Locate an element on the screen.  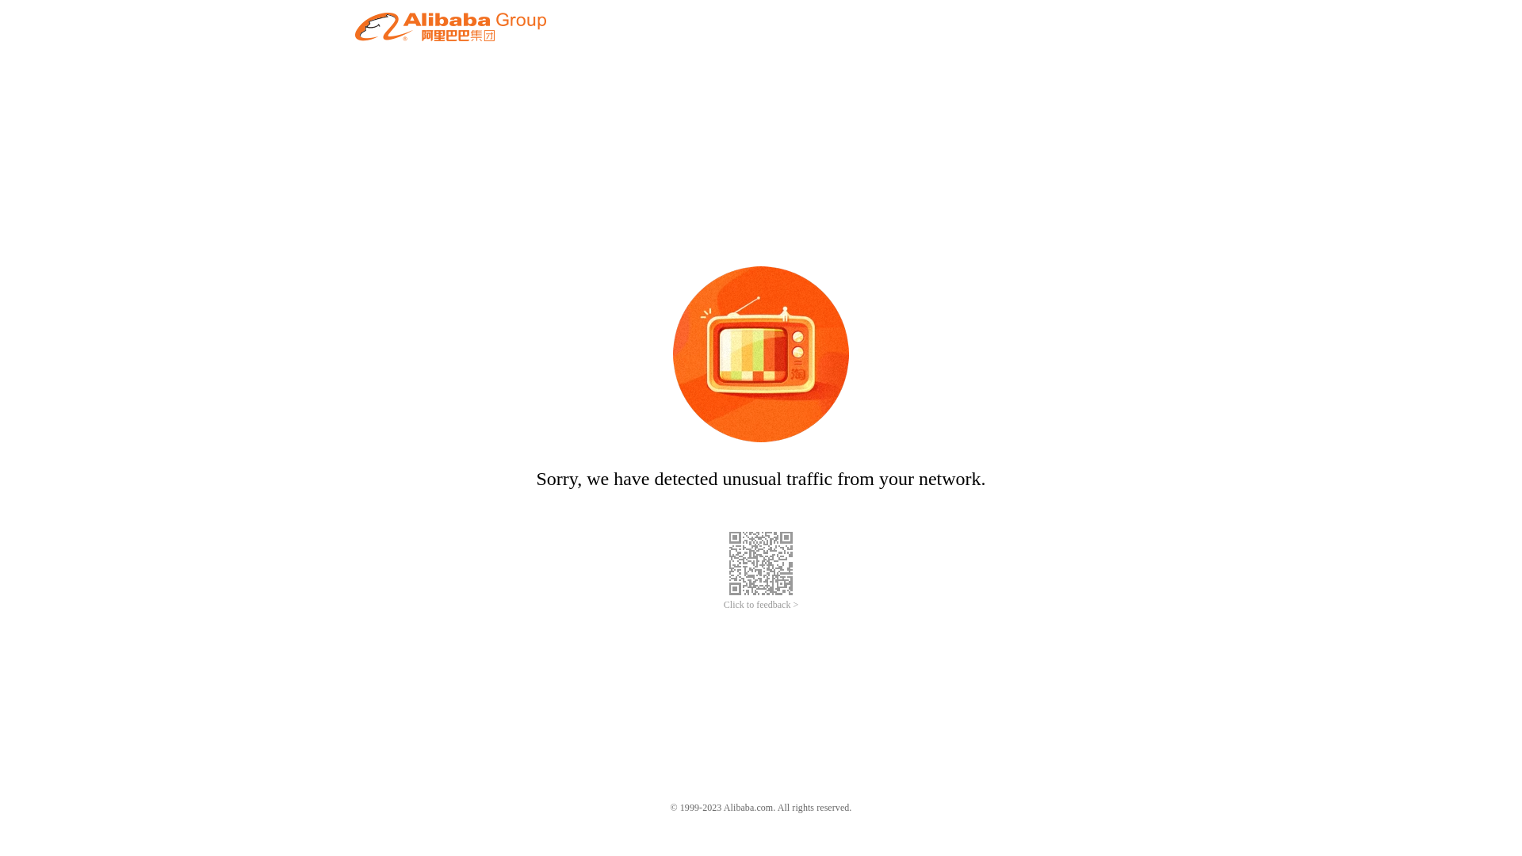
'Click to feedback >' is located at coordinates (722, 605).